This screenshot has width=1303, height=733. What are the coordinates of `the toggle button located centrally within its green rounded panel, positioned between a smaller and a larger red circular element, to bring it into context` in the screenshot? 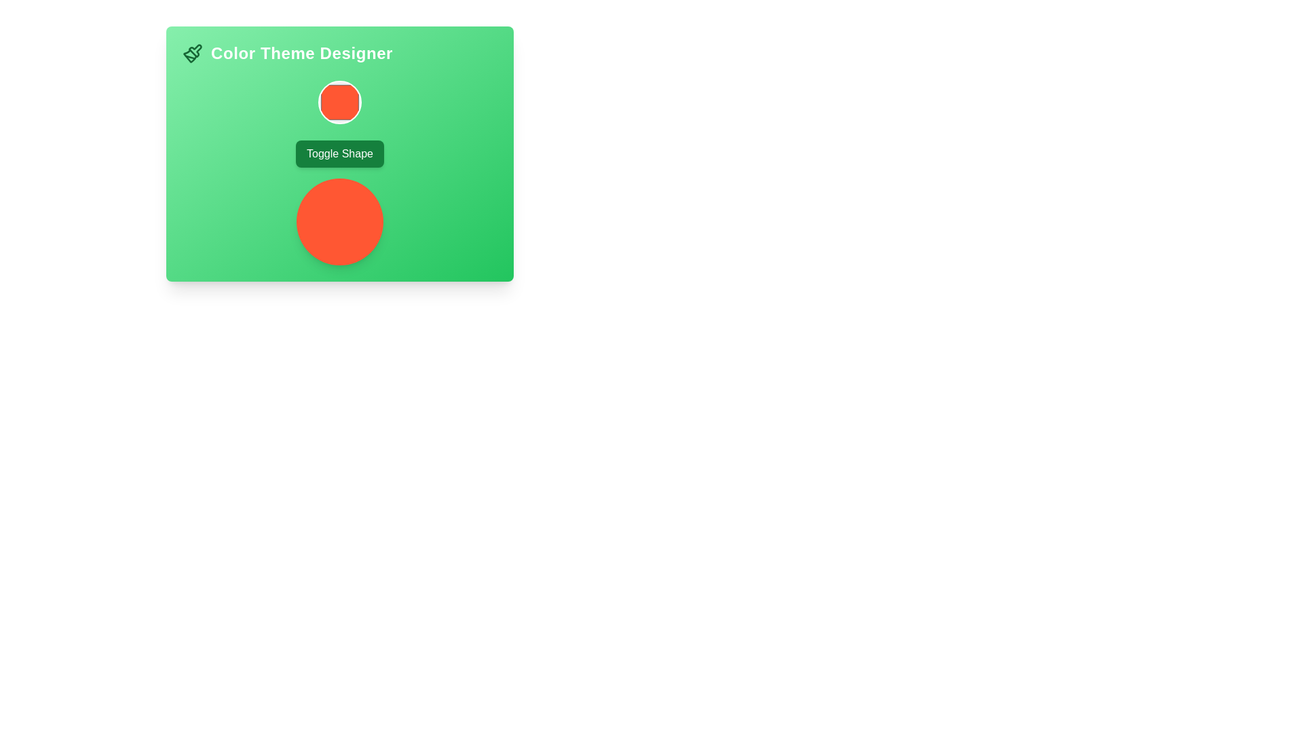 It's located at (339, 153).